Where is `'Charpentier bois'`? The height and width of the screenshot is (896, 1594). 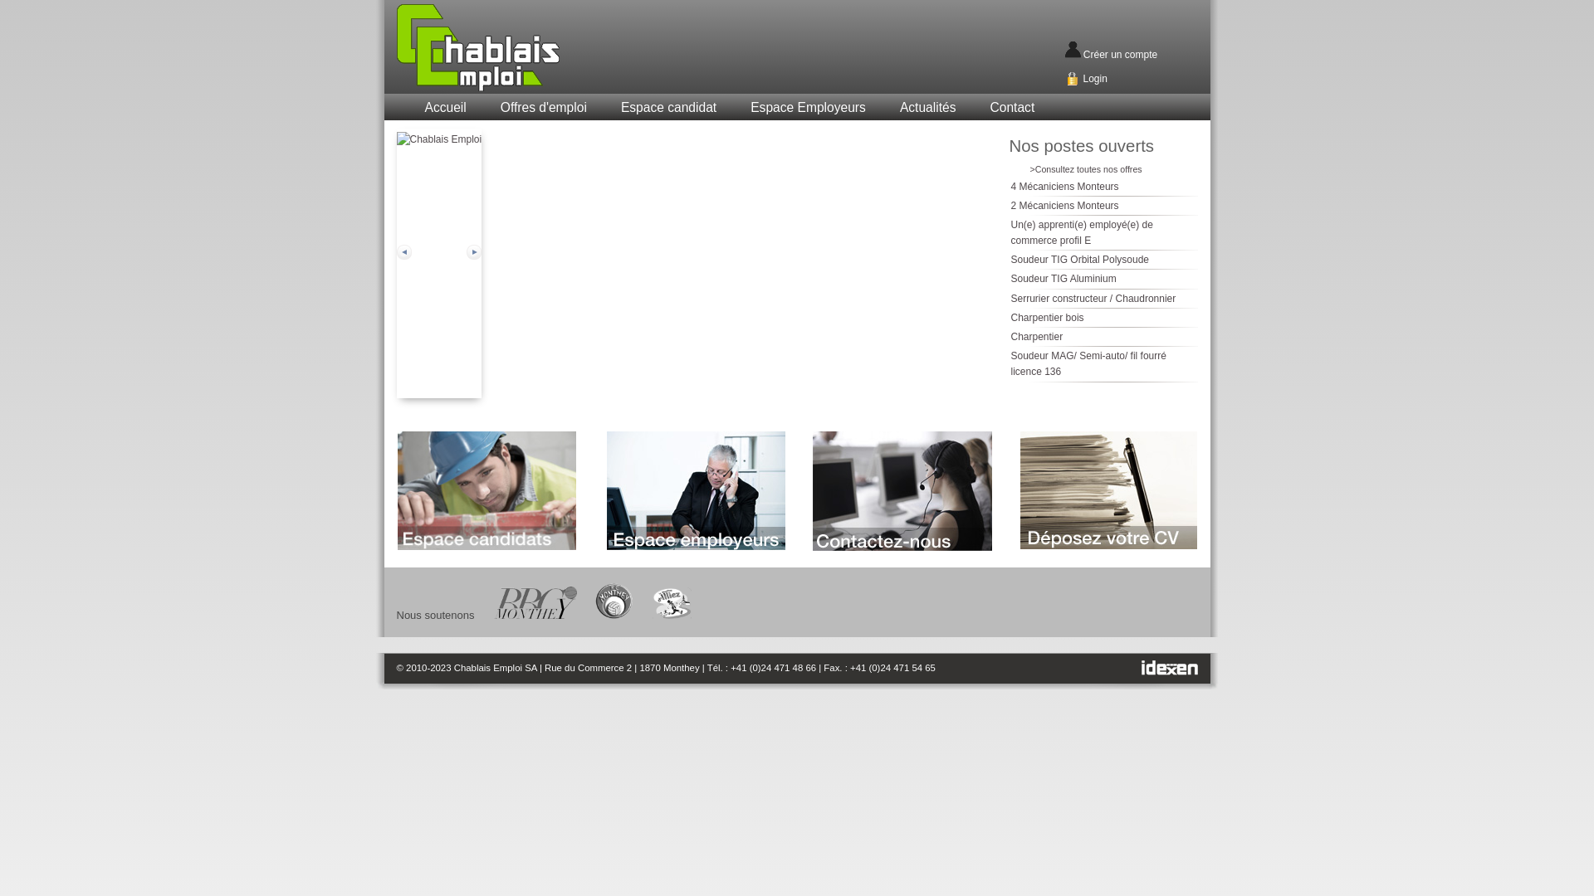 'Charpentier bois' is located at coordinates (1047, 317).